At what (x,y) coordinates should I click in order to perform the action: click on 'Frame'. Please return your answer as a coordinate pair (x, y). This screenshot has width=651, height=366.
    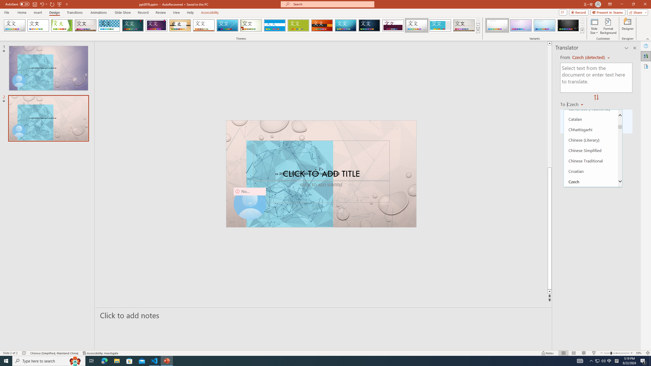
    Looking at the image, I should click on (440, 25).